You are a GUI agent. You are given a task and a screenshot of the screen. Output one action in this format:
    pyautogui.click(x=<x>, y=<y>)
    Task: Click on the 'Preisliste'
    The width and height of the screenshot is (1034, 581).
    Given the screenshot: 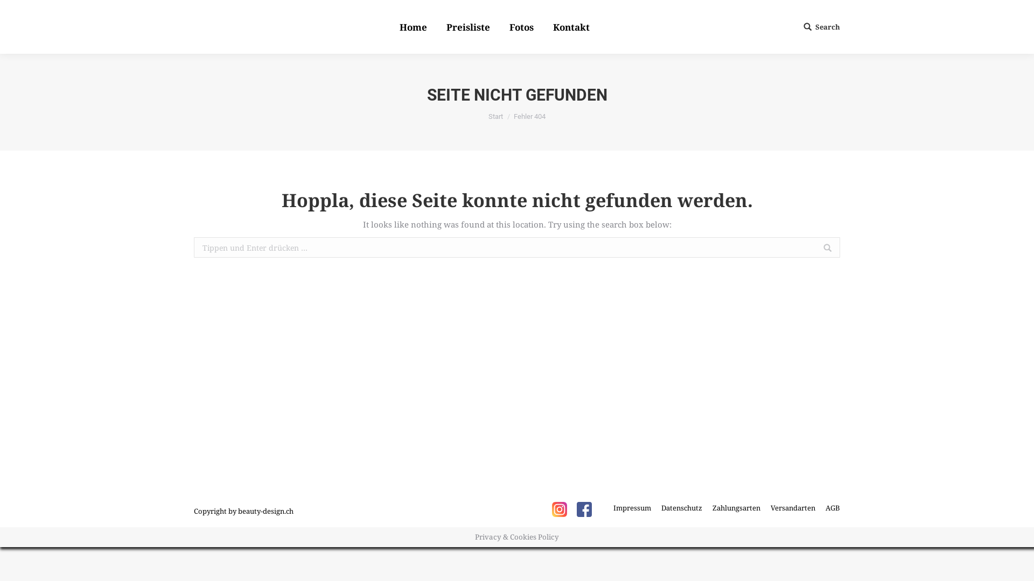 What is the action you would take?
    pyautogui.click(x=468, y=26)
    